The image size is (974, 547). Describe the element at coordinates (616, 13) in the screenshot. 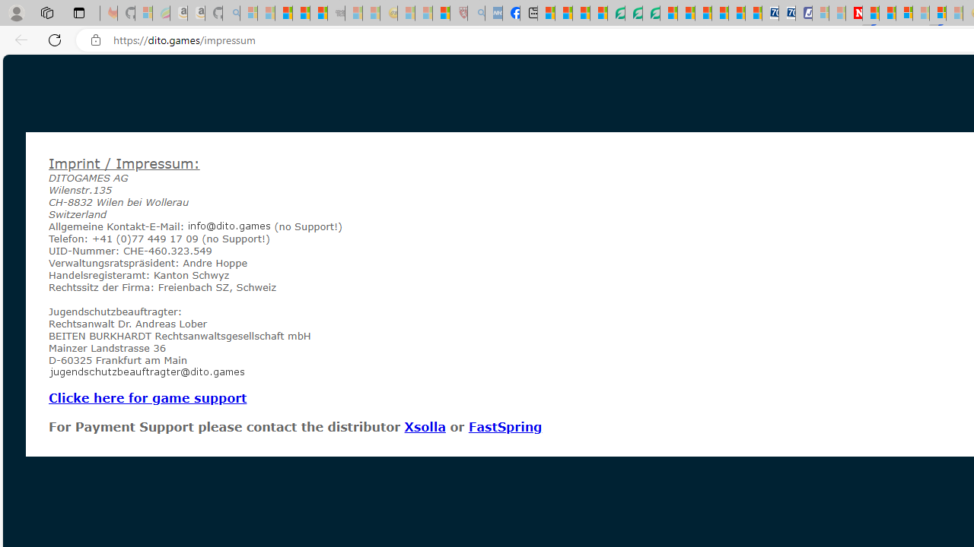

I see `'LendingTree - Compare Lenders'` at that location.